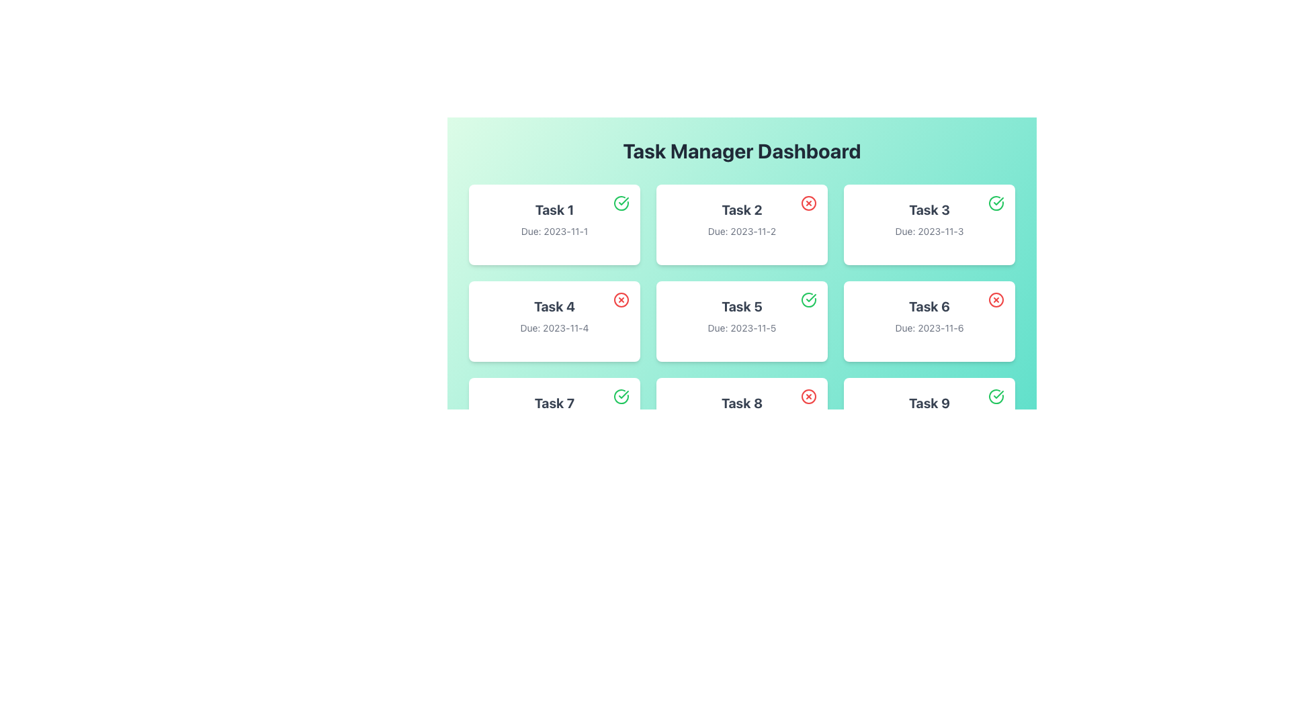 This screenshot has width=1290, height=725. Describe the element at coordinates (554, 328) in the screenshot. I see `the static text label displaying 'Due: 2023-11-4', which is positioned beneath the title 'Task 4' in the task layout` at that location.